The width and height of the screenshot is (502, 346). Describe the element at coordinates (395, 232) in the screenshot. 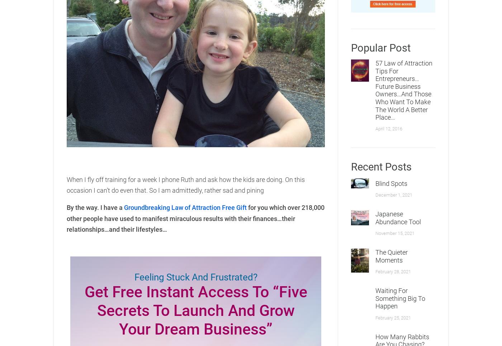

I see `'November 15, 2021'` at that location.